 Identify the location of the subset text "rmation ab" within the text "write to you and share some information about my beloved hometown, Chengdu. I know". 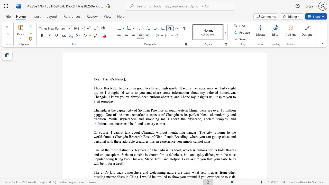
(178, 92).